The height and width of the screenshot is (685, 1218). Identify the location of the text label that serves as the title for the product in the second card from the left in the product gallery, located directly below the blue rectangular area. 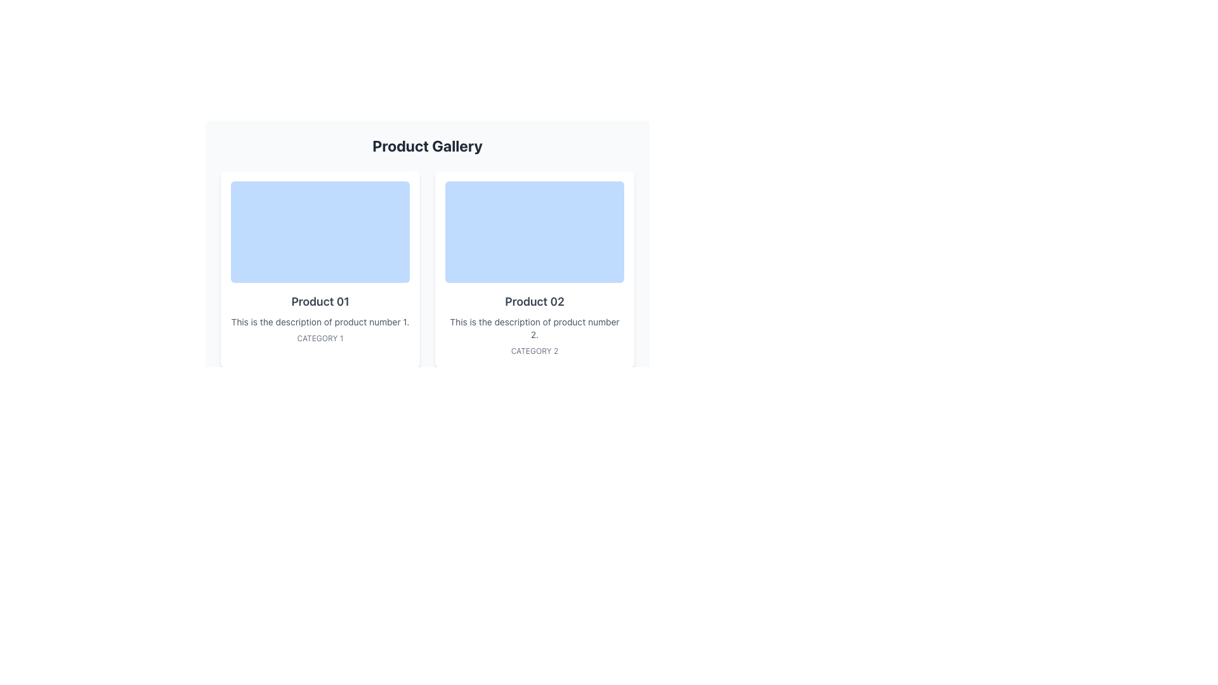
(535, 301).